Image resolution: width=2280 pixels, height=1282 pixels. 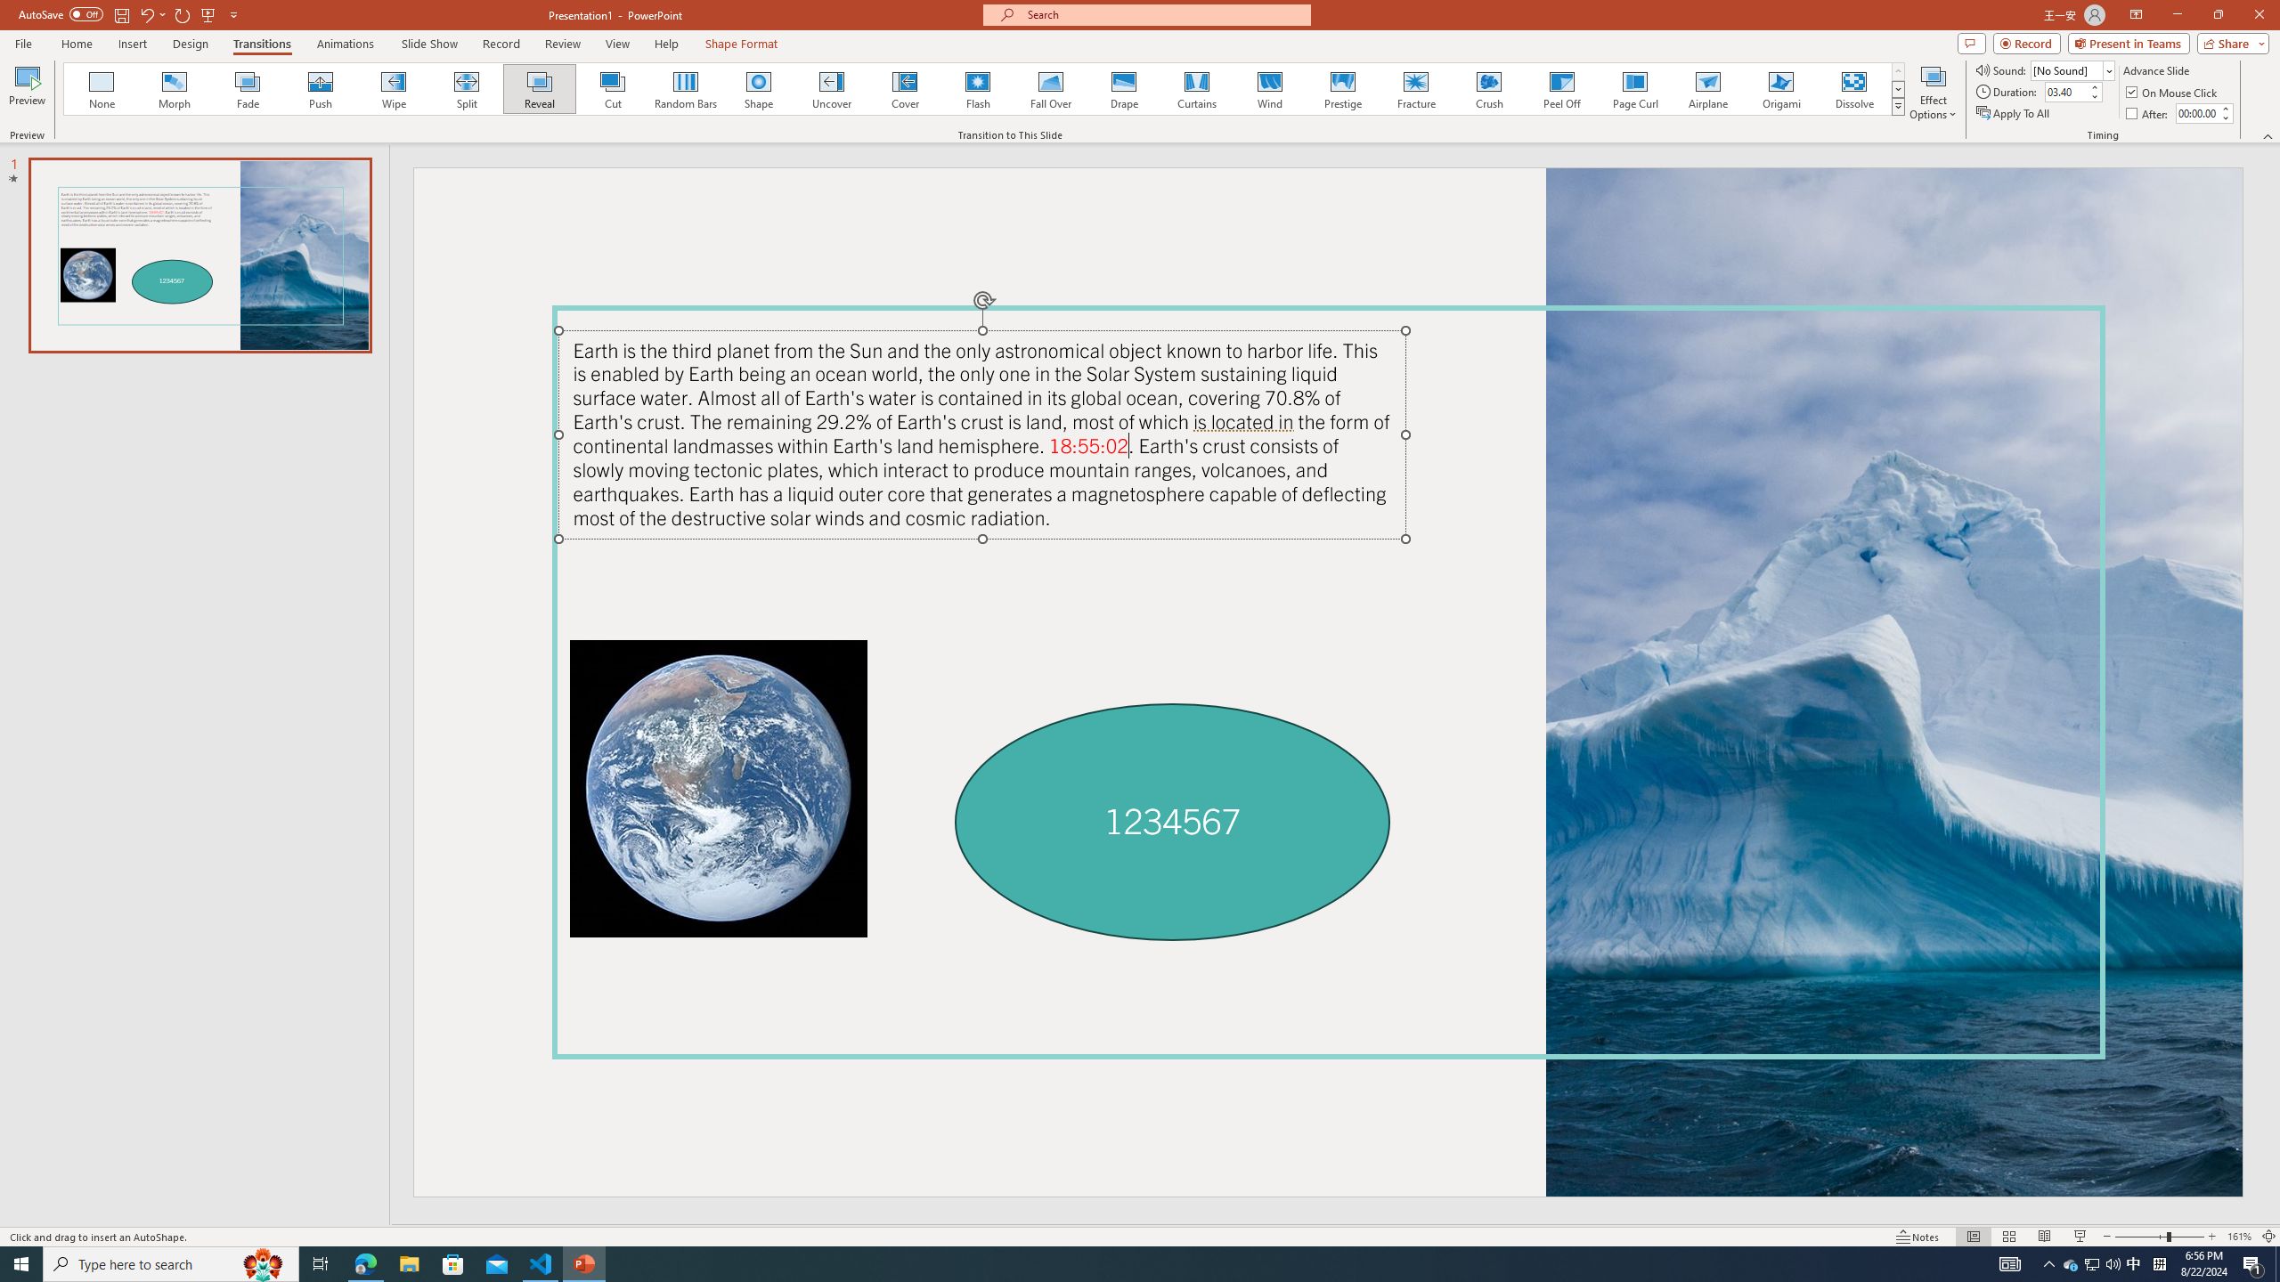 What do you see at coordinates (686, 88) in the screenshot?
I see `'Random Bars'` at bounding box center [686, 88].